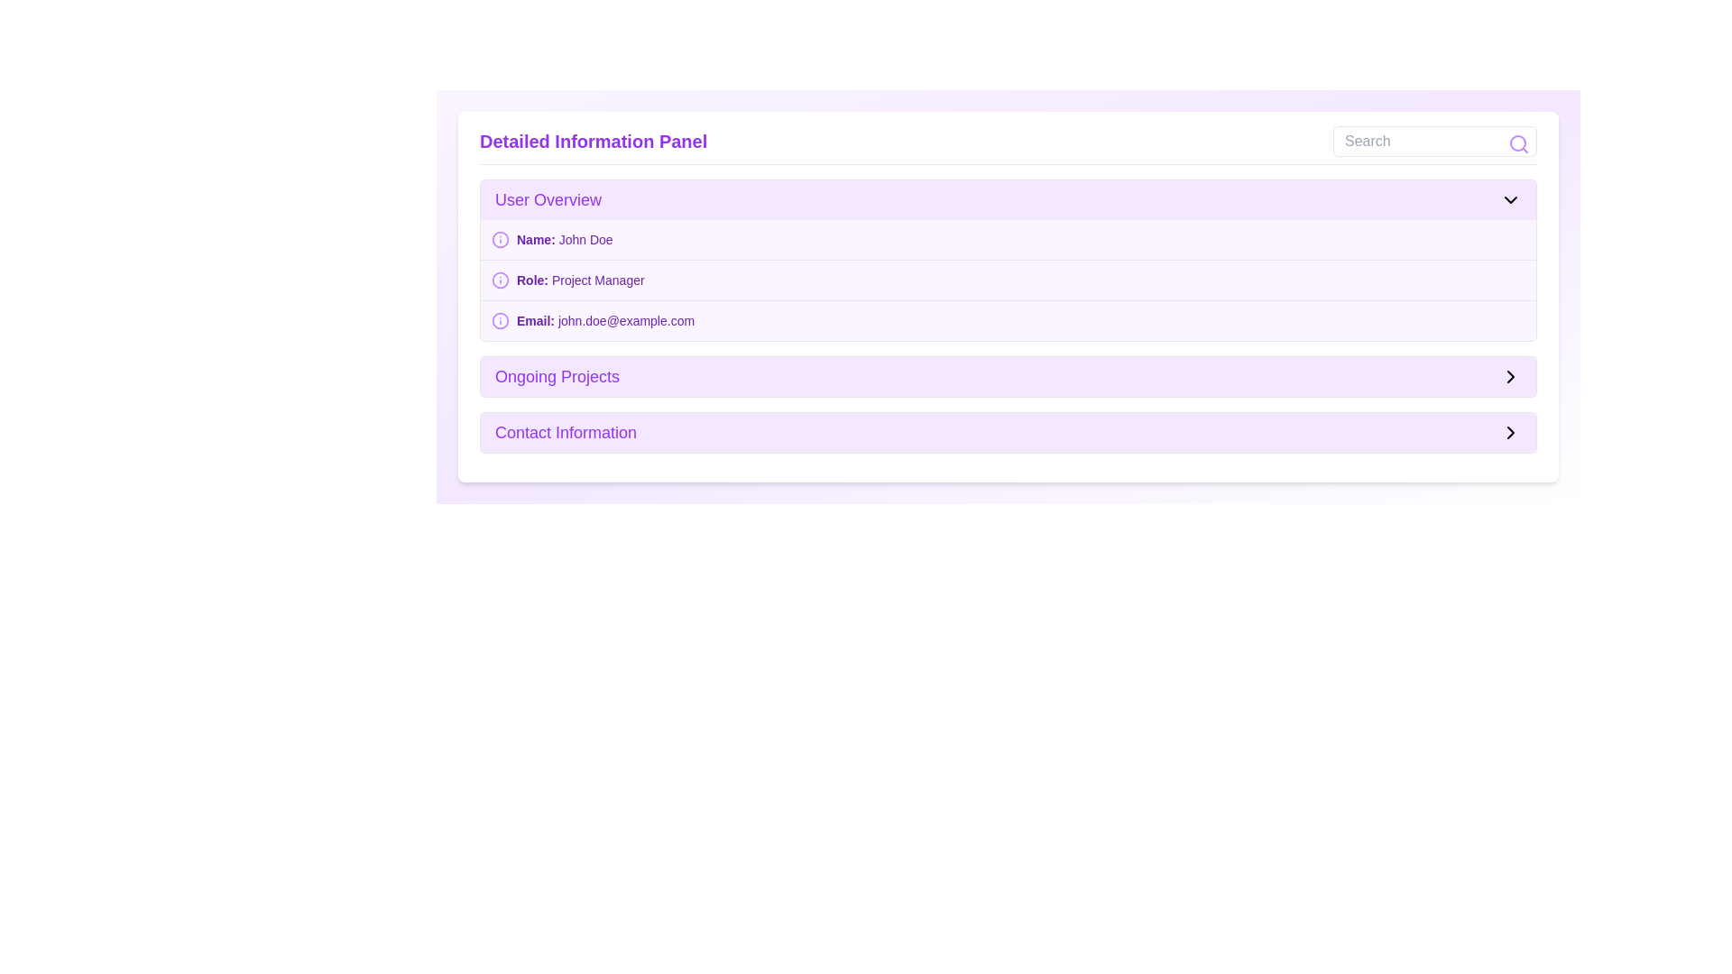 The height and width of the screenshot is (974, 1732). I want to click on the static text displaying the user's role, 'Project Manager', which is the second item in the user details section of the 'Detailed Information Panel', so click(580, 280).